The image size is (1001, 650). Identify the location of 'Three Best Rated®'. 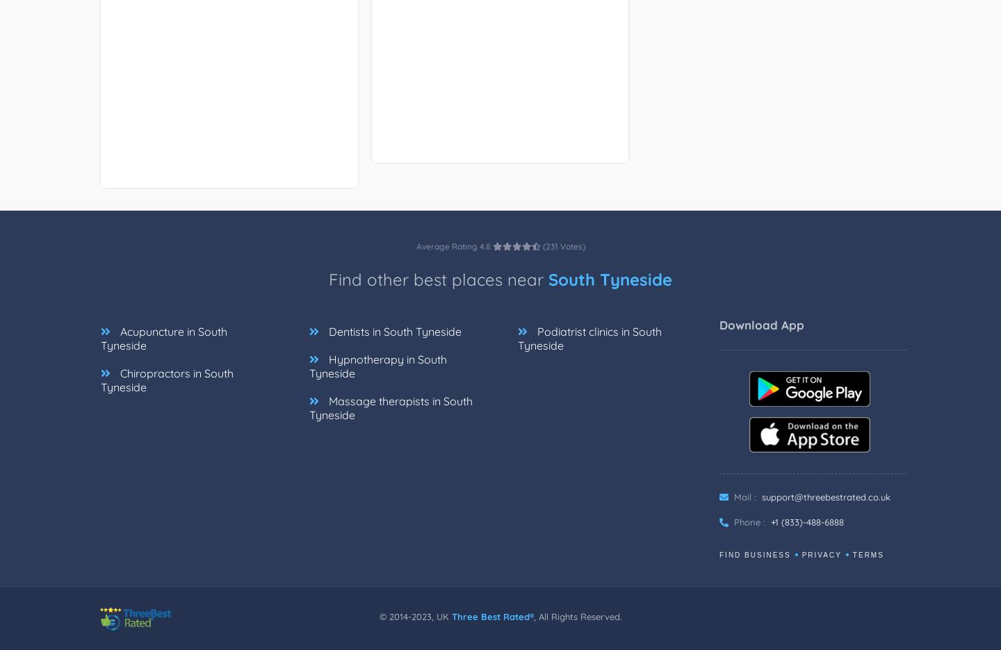
(492, 616).